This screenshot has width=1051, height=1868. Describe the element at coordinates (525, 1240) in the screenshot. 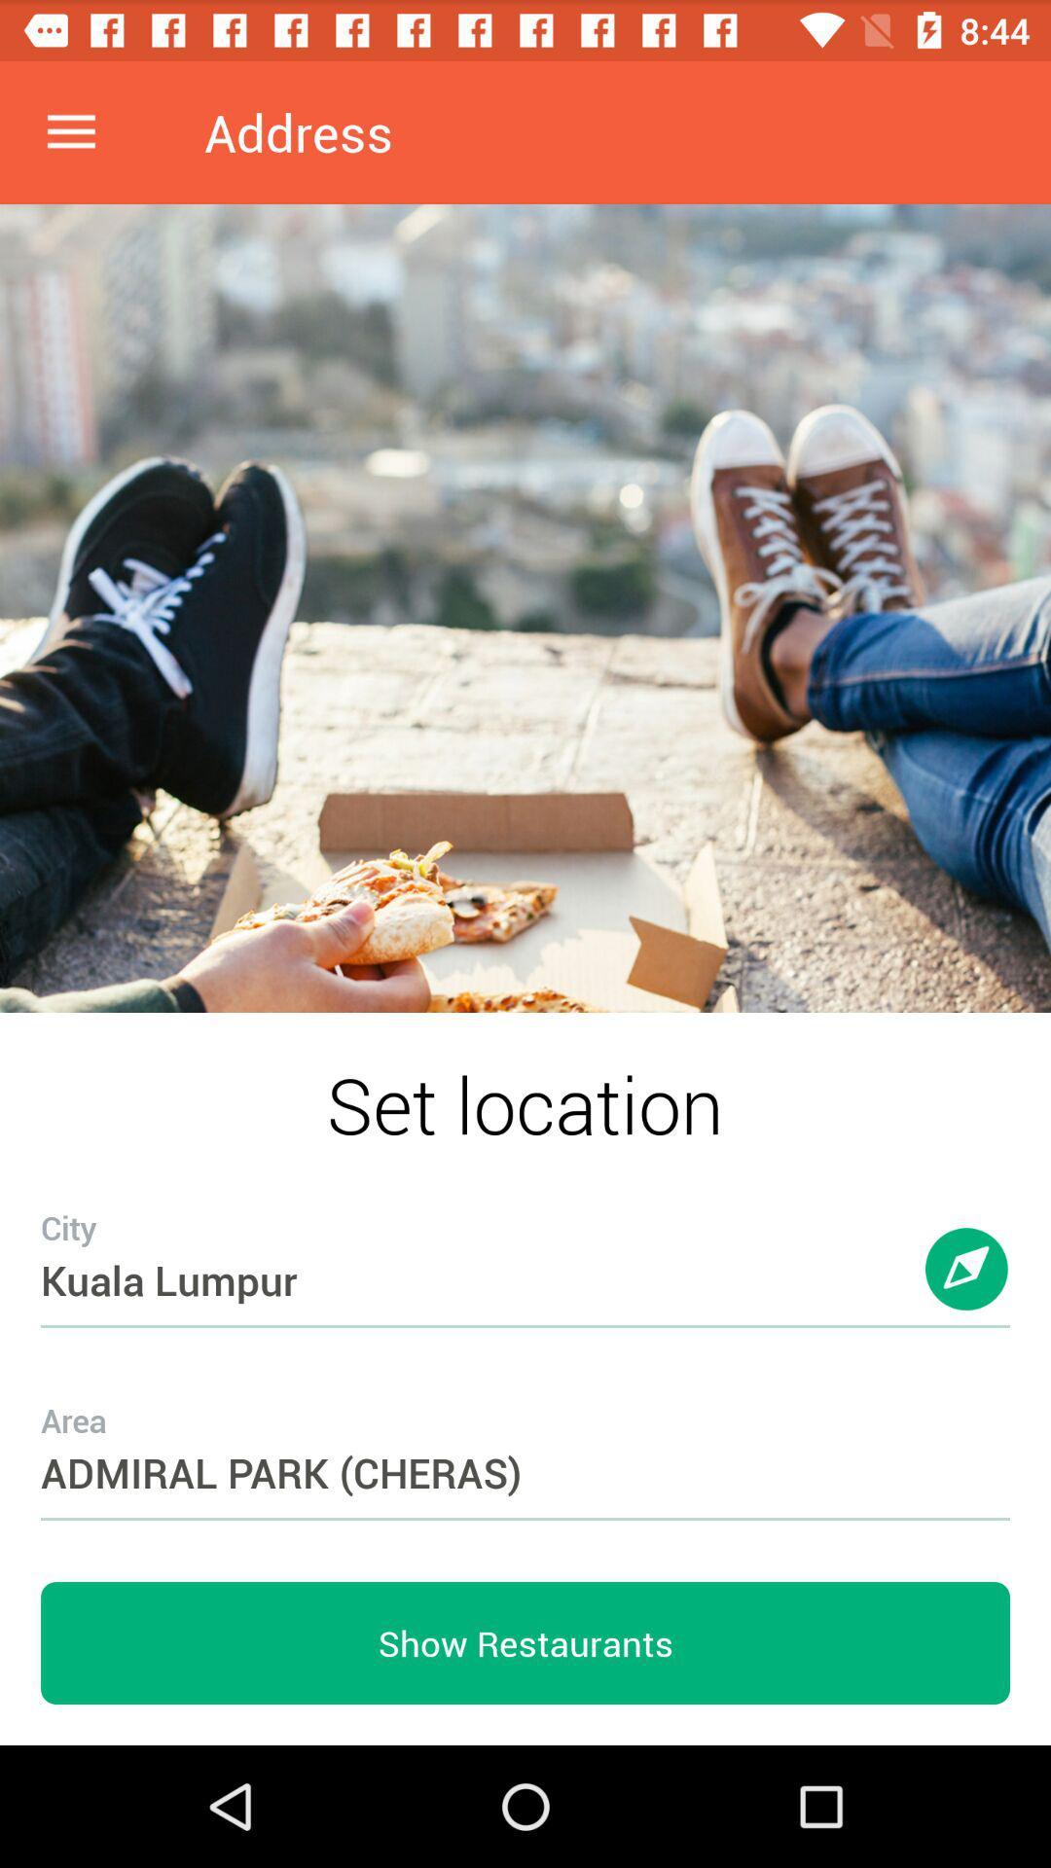

I see `the kuala lumpur item` at that location.